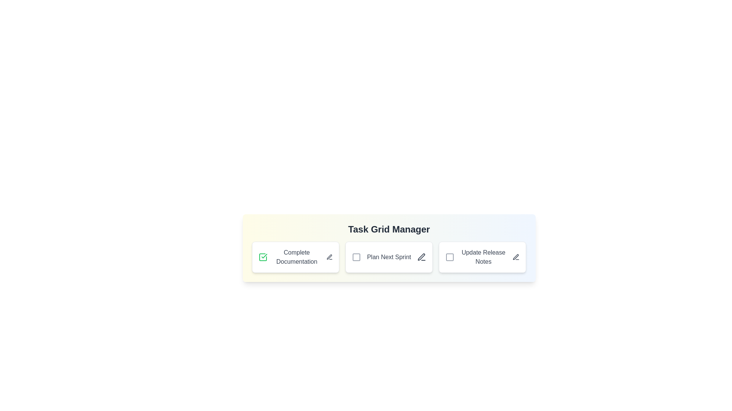 This screenshot has height=411, width=732. Describe the element at coordinates (389, 229) in the screenshot. I see `the header of the Task Grid Manager component` at that location.